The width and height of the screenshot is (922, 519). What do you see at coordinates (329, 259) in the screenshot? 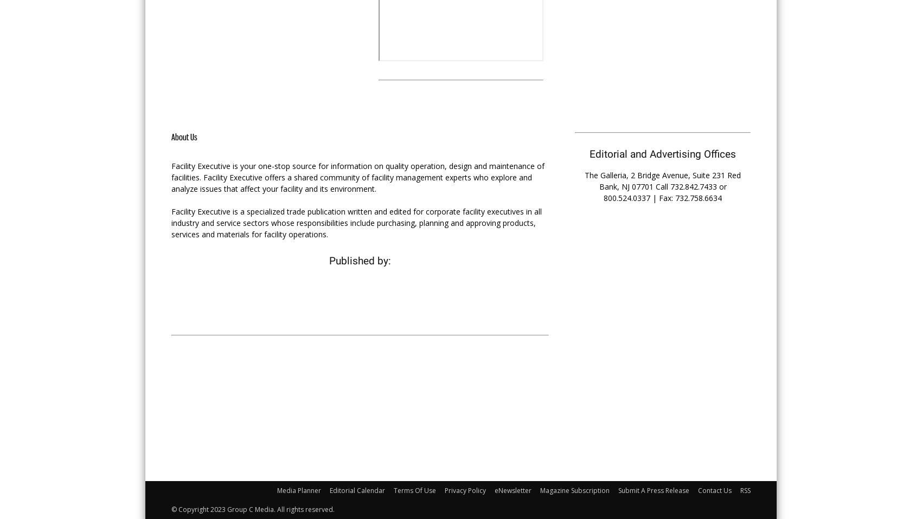
I see `'Published by:'` at bounding box center [329, 259].